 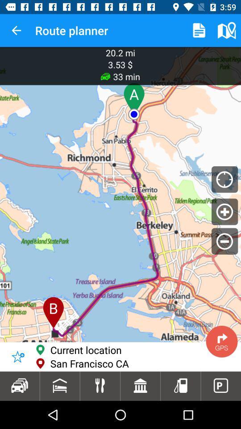 What do you see at coordinates (224, 211) in the screenshot?
I see `the add icon` at bounding box center [224, 211].